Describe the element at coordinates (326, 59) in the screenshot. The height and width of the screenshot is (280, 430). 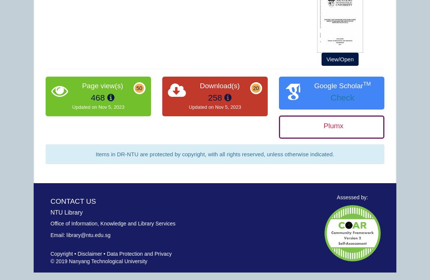
I see `'View/Open'` at that location.